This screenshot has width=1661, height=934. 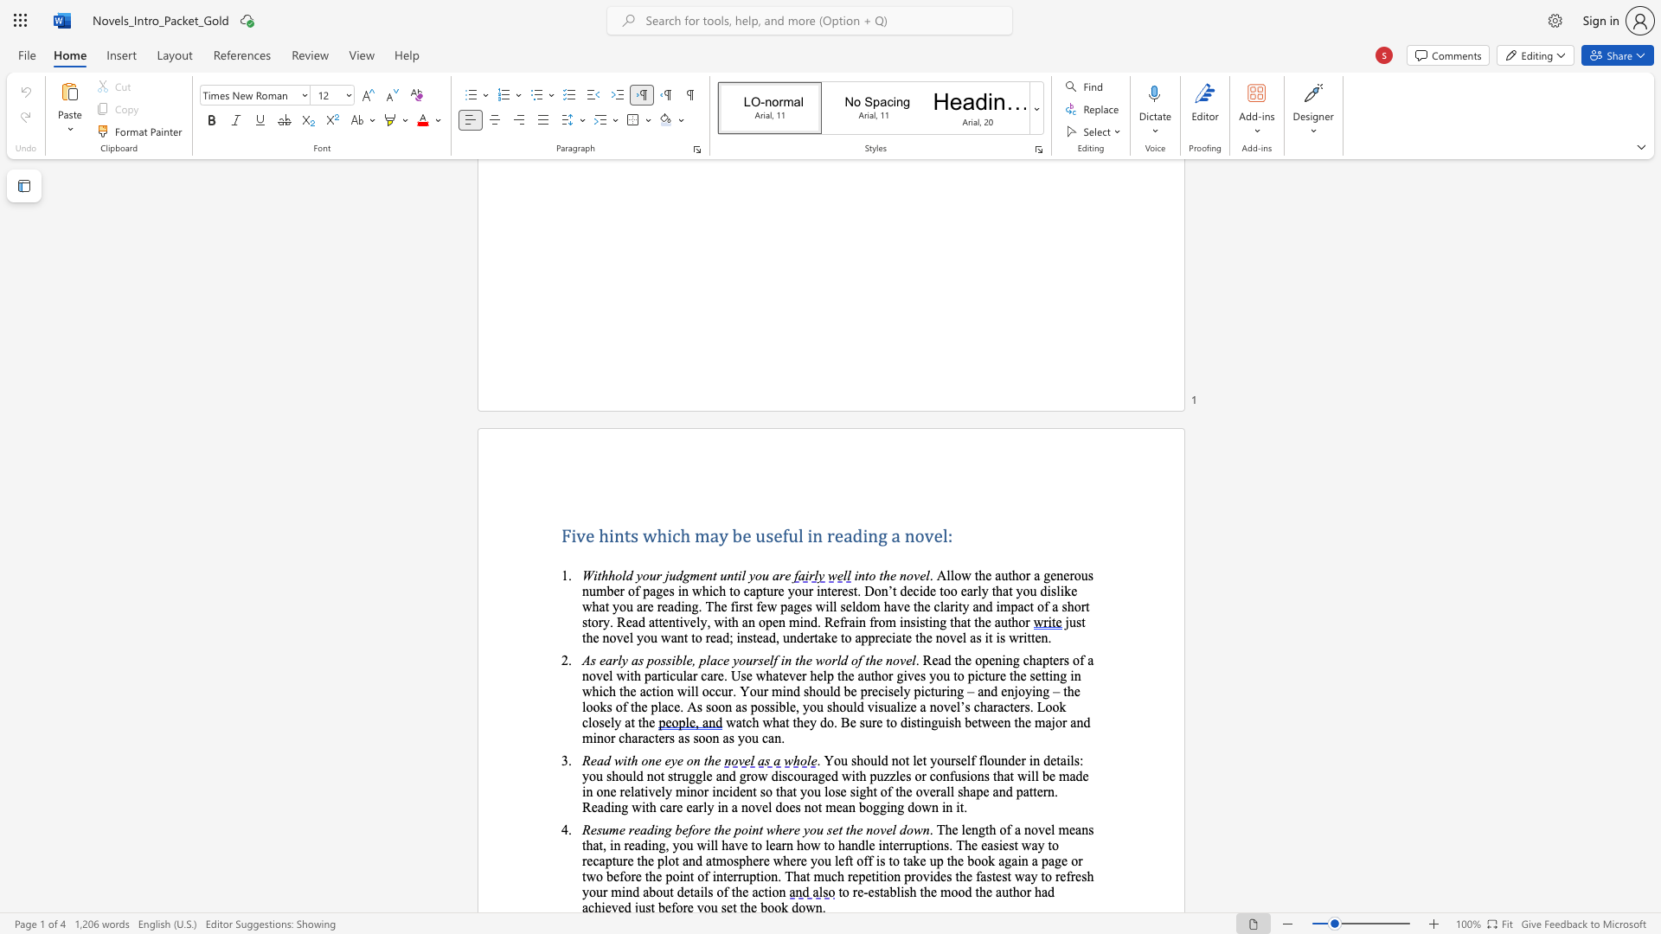 What do you see at coordinates (758, 660) in the screenshot?
I see `the subset text "self in the world of the nov" within the text "As early as possible, place yourself in the world of the novel"` at bounding box center [758, 660].